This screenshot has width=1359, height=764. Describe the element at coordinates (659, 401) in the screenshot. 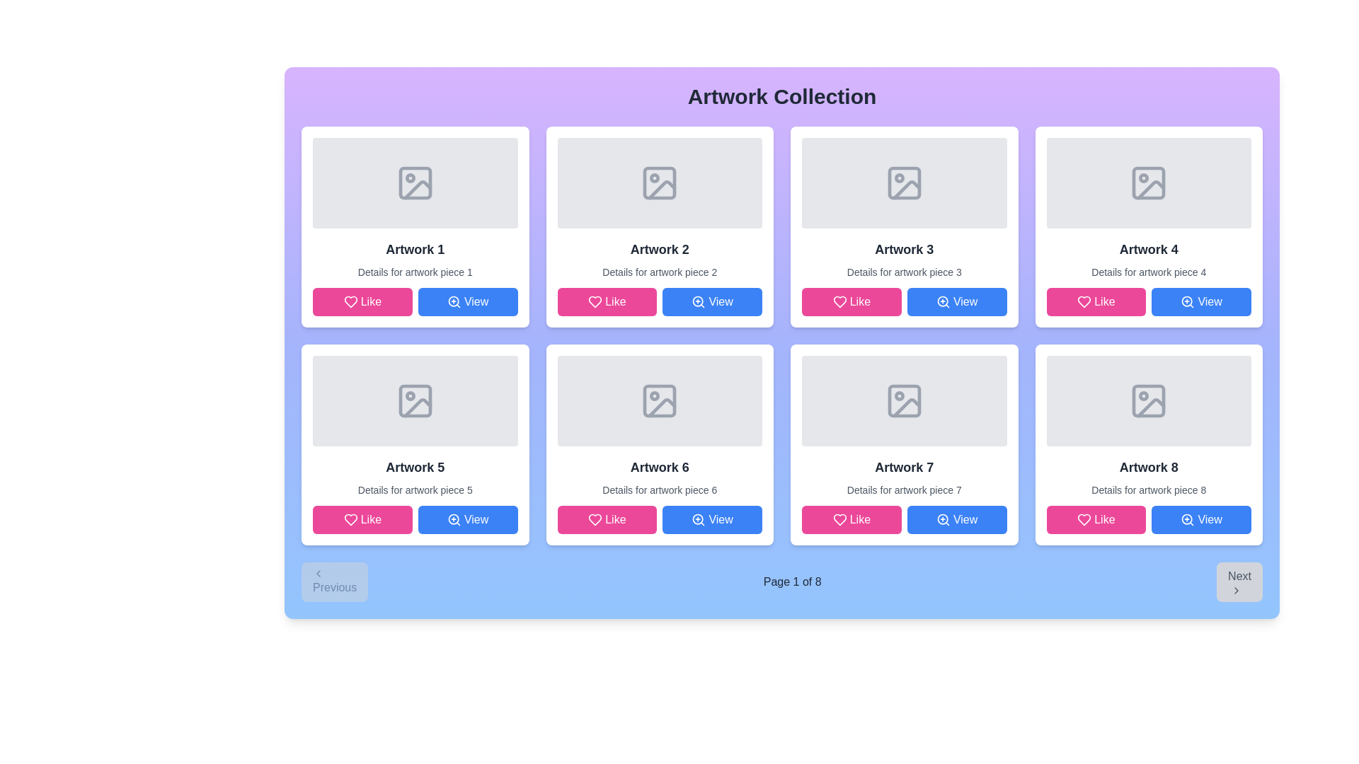

I see `SVG icon depicting a stylized image placeholder located in the upper section of the 'Artwork 6' tile for debugging purposes` at that location.